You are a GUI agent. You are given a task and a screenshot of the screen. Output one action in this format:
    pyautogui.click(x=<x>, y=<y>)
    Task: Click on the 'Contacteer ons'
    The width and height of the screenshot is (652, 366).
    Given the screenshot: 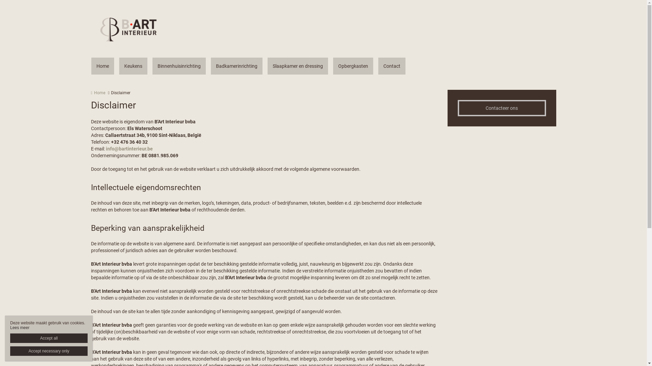 What is the action you would take?
    pyautogui.click(x=502, y=108)
    